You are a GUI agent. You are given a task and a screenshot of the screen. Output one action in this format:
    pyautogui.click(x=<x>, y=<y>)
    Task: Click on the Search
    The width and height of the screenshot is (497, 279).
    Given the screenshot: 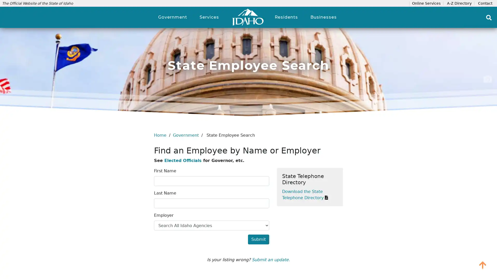 What is the action you would take?
    pyautogui.click(x=489, y=17)
    